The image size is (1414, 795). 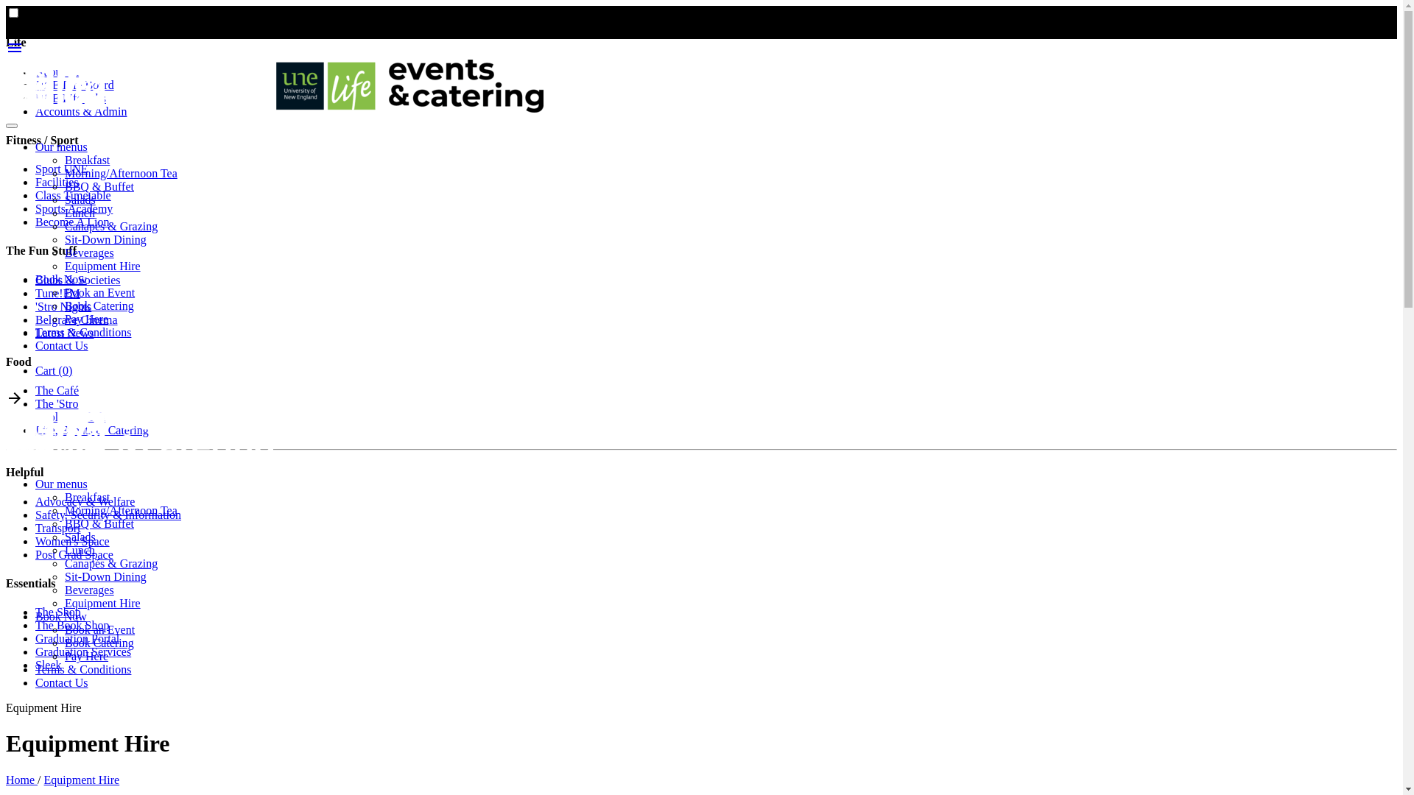 What do you see at coordinates (73, 208) in the screenshot?
I see `'Sports Academy'` at bounding box center [73, 208].